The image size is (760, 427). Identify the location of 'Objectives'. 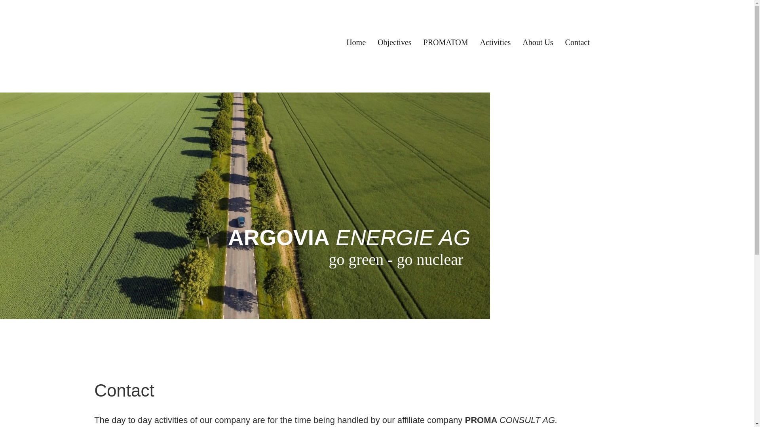
(395, 42).